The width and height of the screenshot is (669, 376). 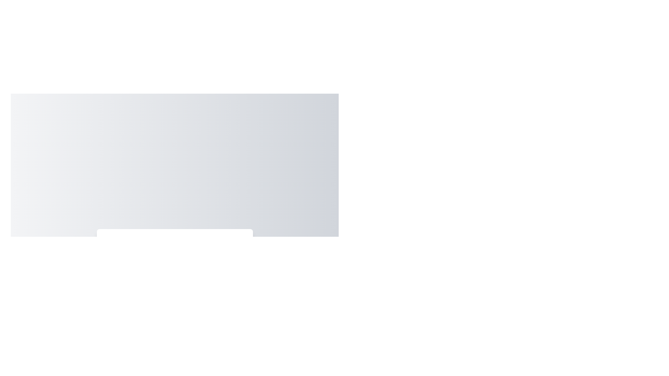 What do you see at coordinates (175, 264) in the screenshot?
I see `the video placeholder image to focus on it` at bounding box center [175, 264].